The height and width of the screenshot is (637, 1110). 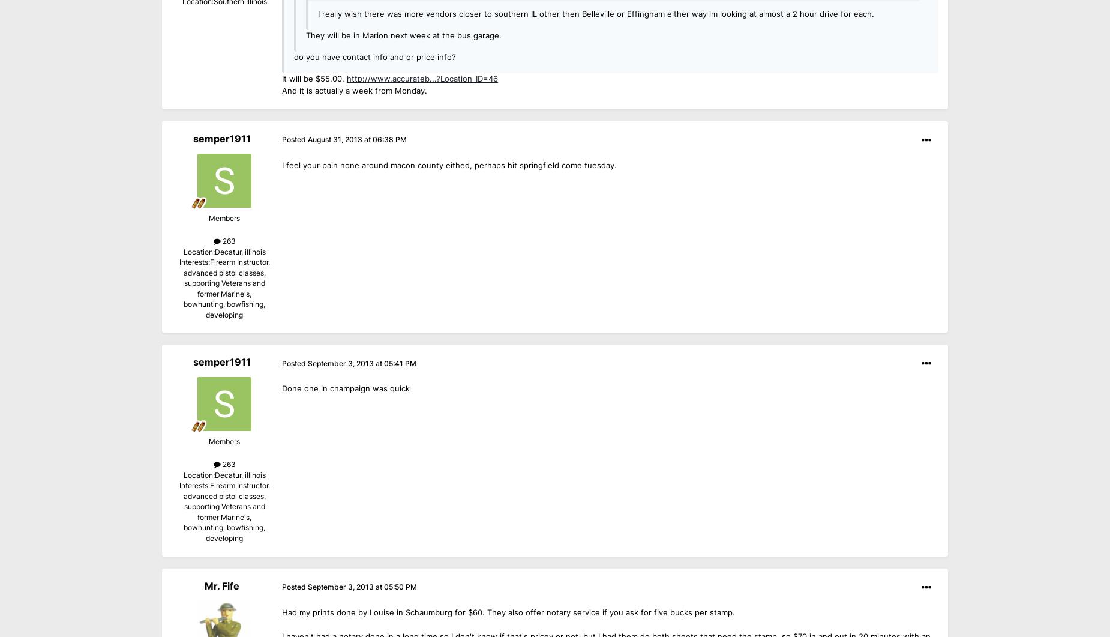 What do you see at coordinates (346, 388) in the screenshot?
I see `'Done one in champaign was quick'` at bounding box center [346, 388].